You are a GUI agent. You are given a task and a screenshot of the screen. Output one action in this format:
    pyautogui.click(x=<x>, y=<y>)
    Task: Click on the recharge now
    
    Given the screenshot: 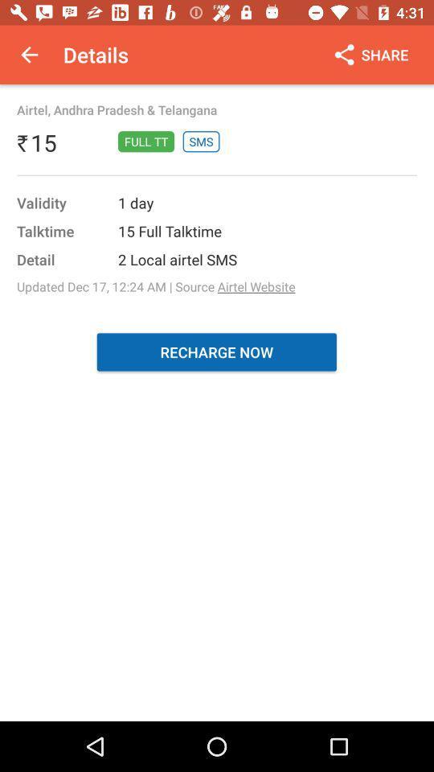 What is the action you would take?
    pyautogui.click(x=216, y=351)
    